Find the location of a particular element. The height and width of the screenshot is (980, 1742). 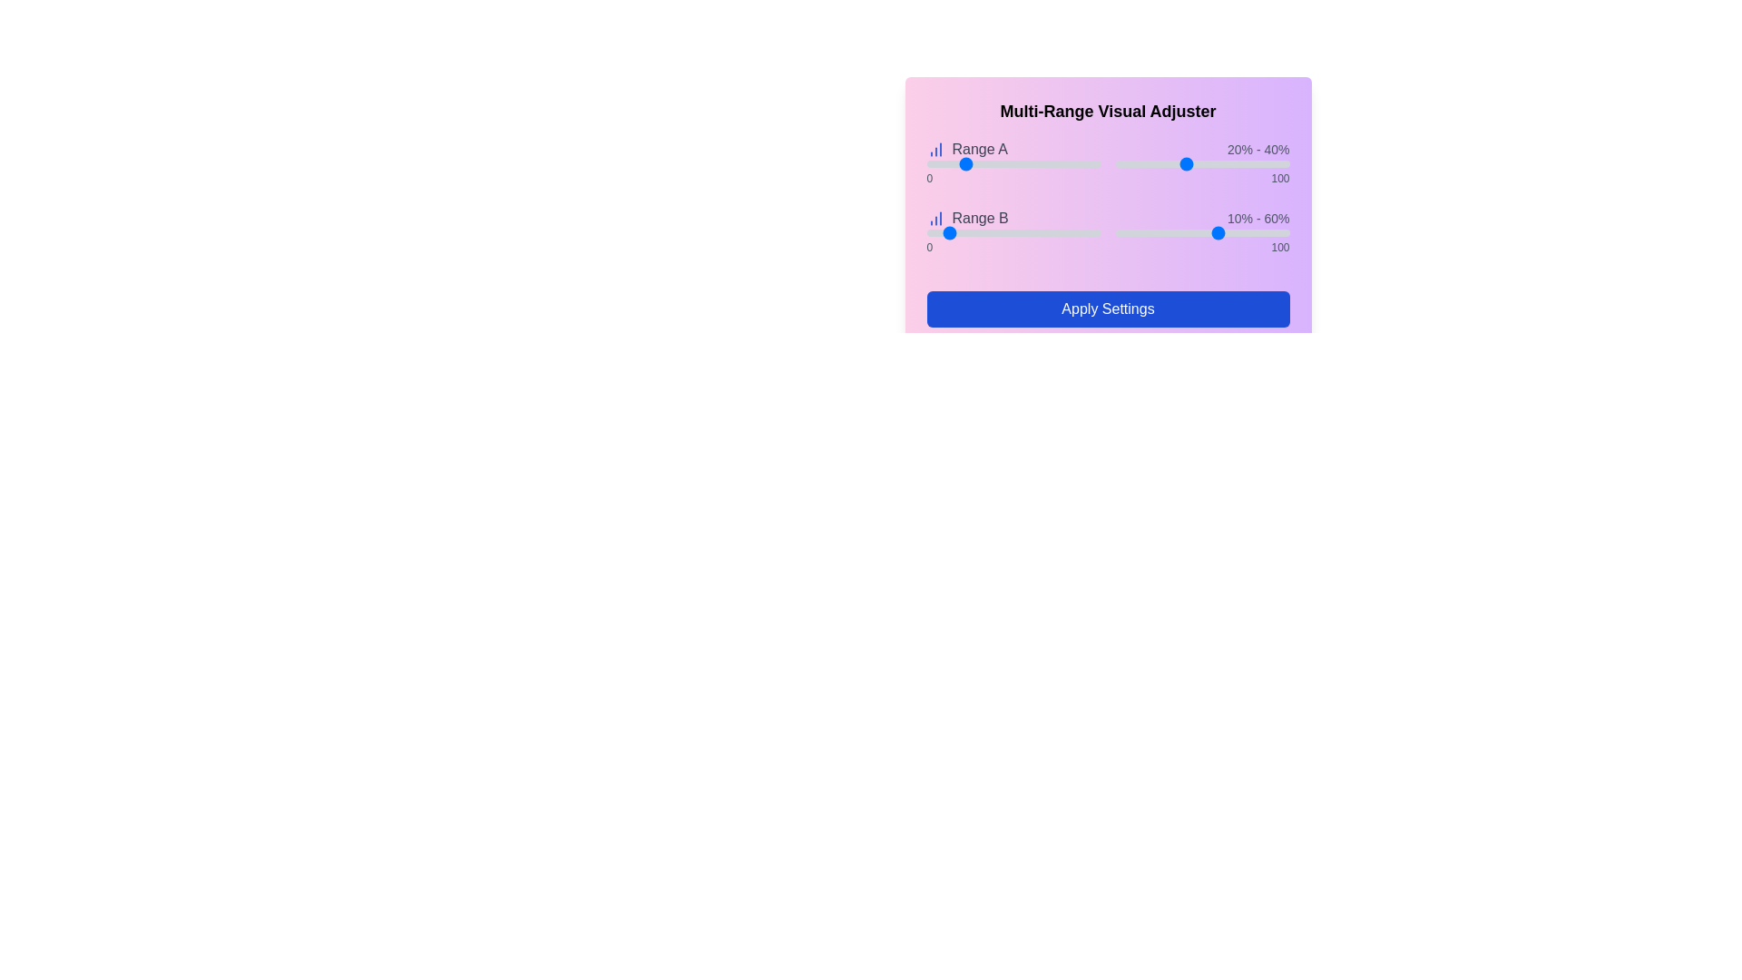

the slider is located at coordinates (1029, 164).